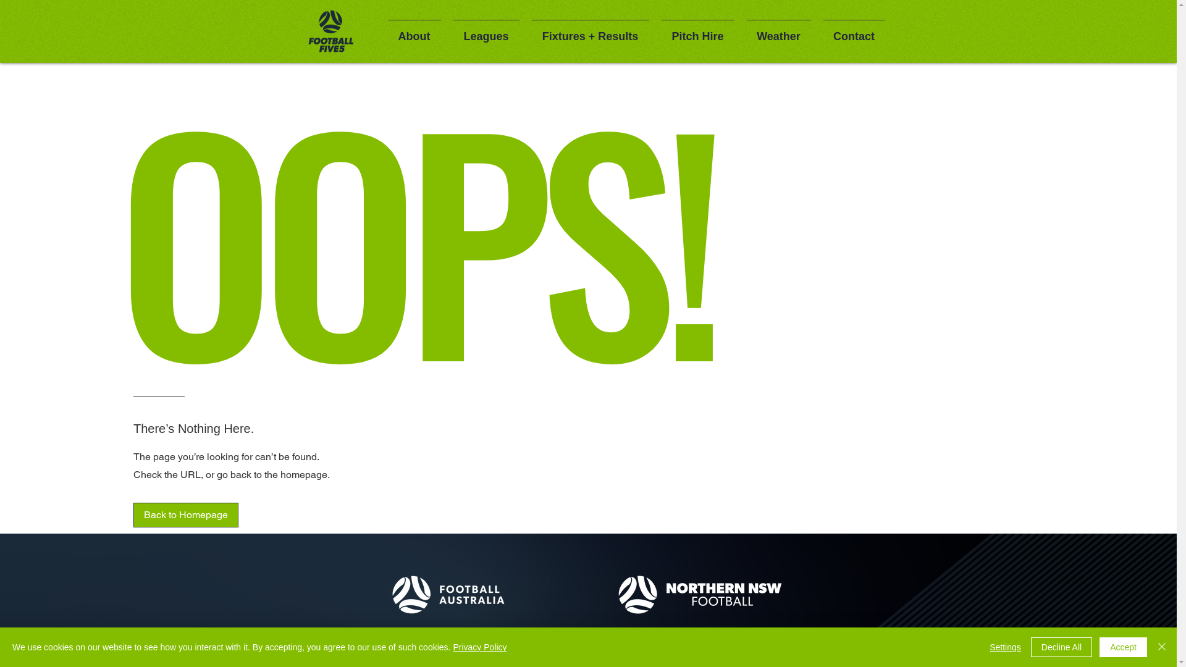 The width and height of the screenshot is (1186, 667). Describe the element at coordinates (486, 30) in the screenshot. I see `'Leagues'` at that location.